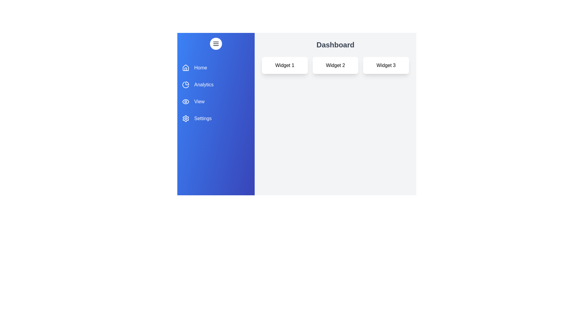 Image resolution: width=580 pixels, height=326 pixels. What do you see at coordinates (216, 68) in the screenshot?
I see `the section Home in the drawer to highlight it` at bounding box center [216, 68].